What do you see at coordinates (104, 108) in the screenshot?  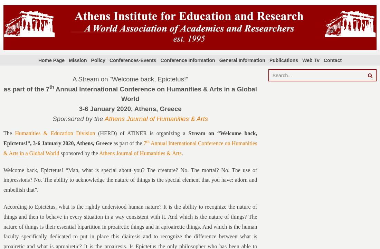 I see `'3-6 January 2020'` at bounding box center [104, 108].